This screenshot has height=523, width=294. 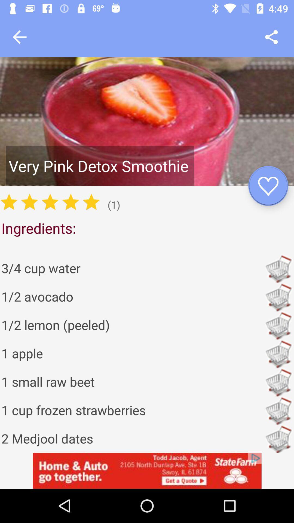 I want to click on go back, so click(x=19, y=37).